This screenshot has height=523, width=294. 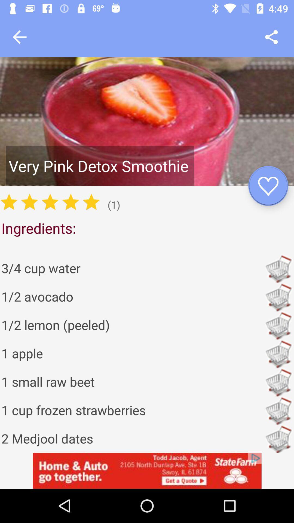 I want to click on go back, so click(x=19, y=37).